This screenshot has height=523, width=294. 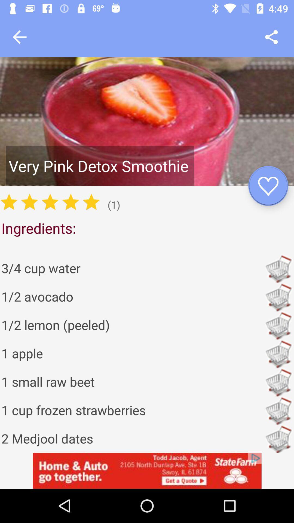 I want to click on go back, so click(x=19, y=37).